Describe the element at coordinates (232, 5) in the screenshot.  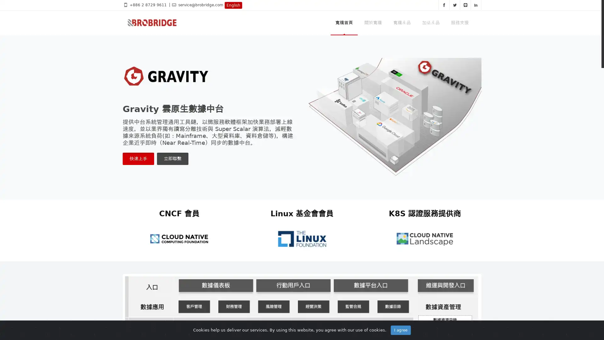
I see `English` at that location.